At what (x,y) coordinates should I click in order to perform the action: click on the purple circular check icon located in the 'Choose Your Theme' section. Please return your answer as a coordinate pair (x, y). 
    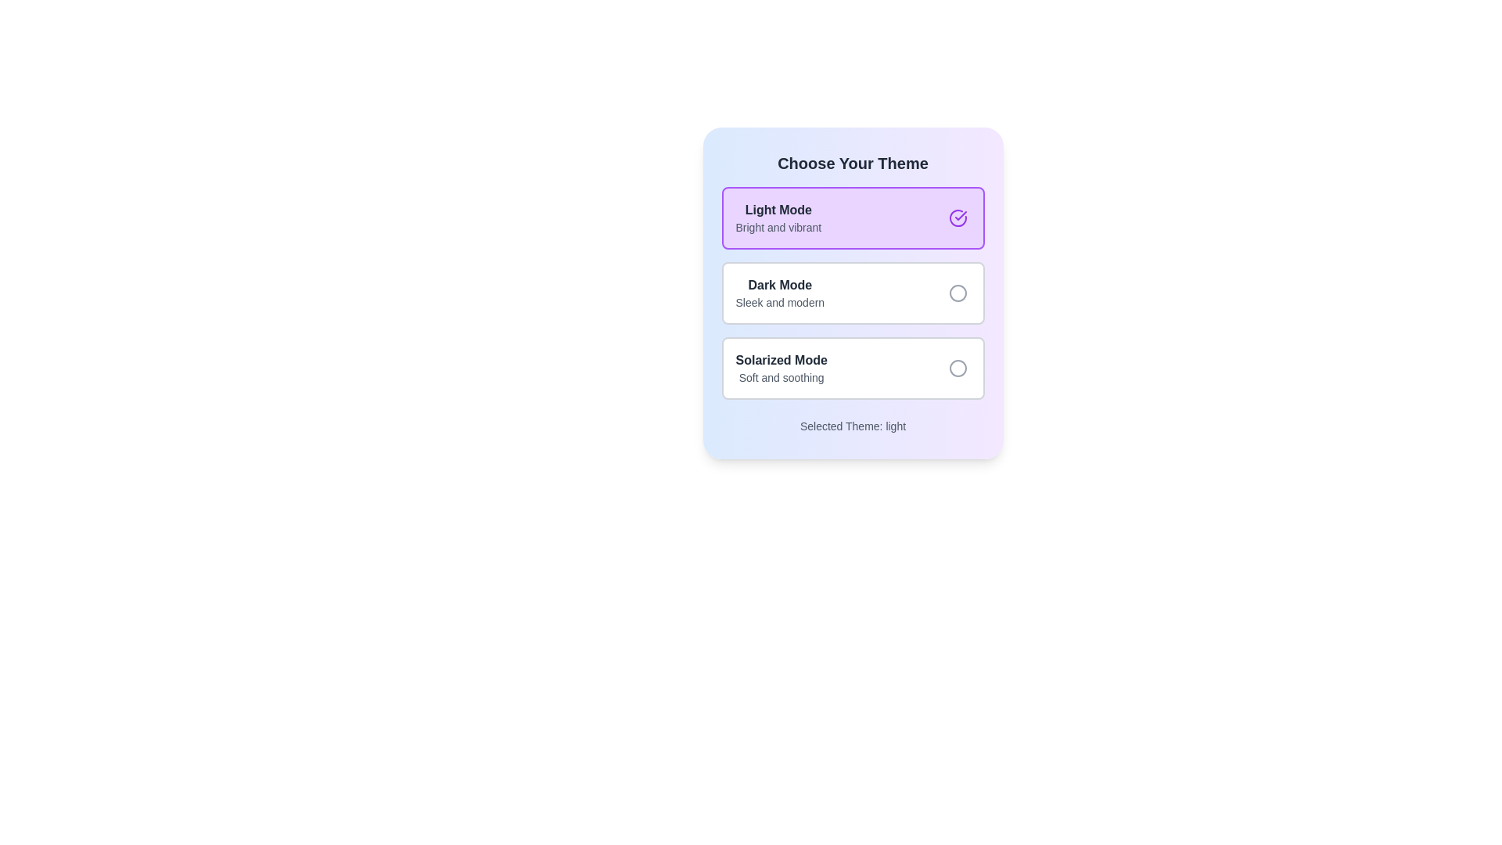
    Looking at the image, I should click on (957, 218).